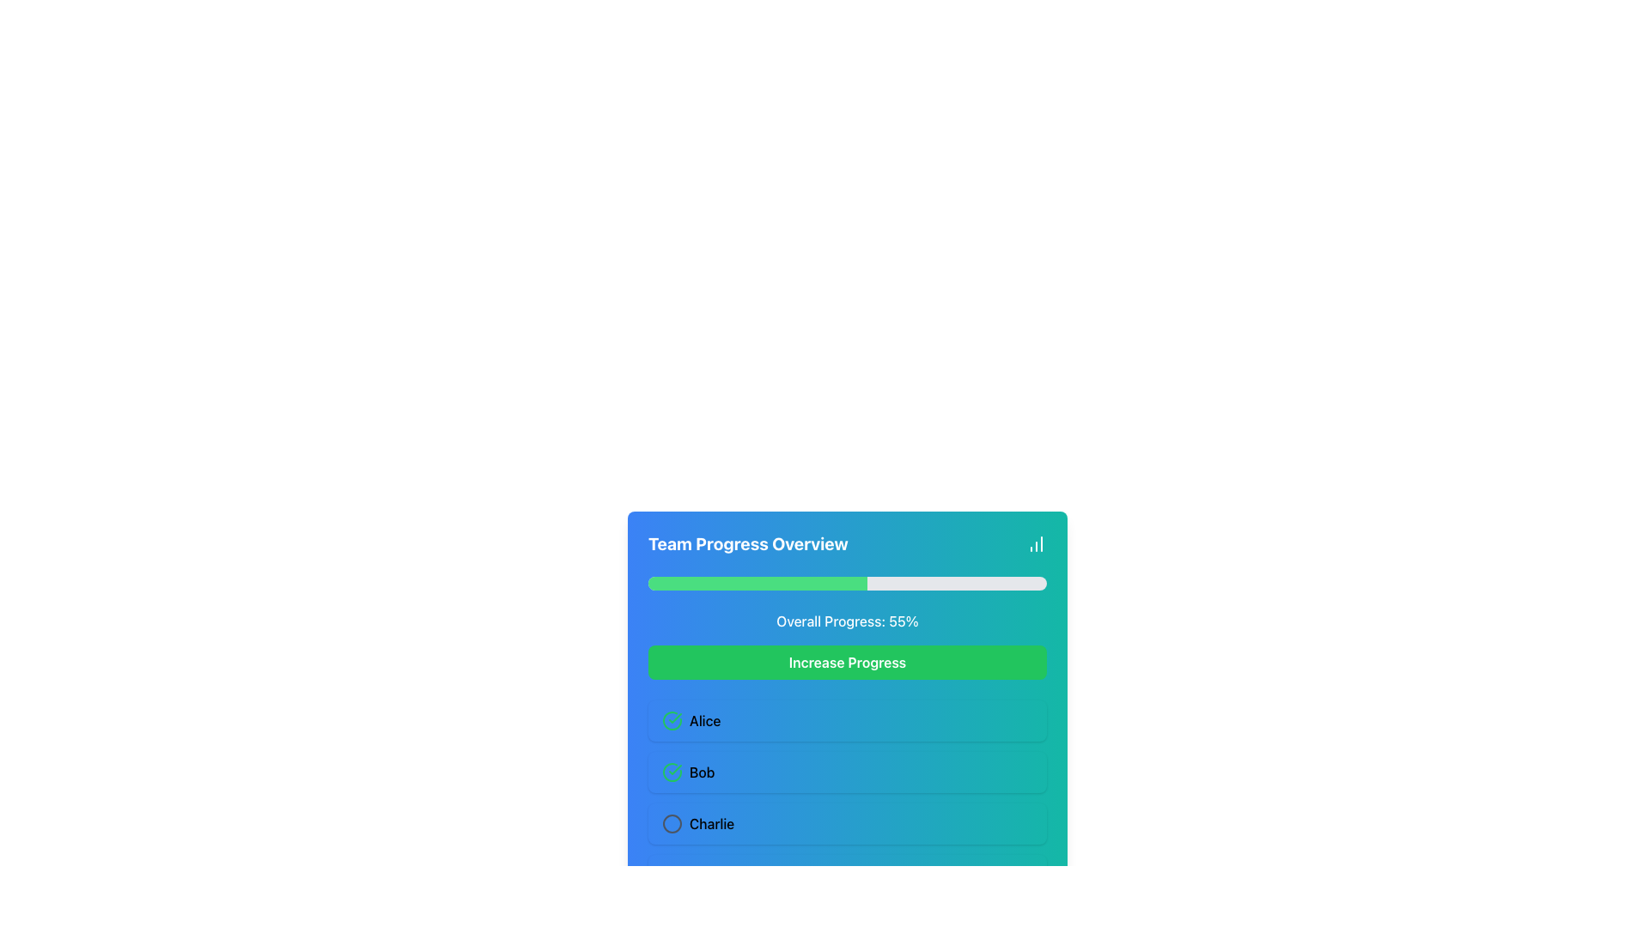 This screenshot has width=1649, height=927. I want to click on the status represented by the icon indicating selection or progress confirmation for 'Bob', located to the left of the text 'Bob' in a list of icons, so click(671, 771).